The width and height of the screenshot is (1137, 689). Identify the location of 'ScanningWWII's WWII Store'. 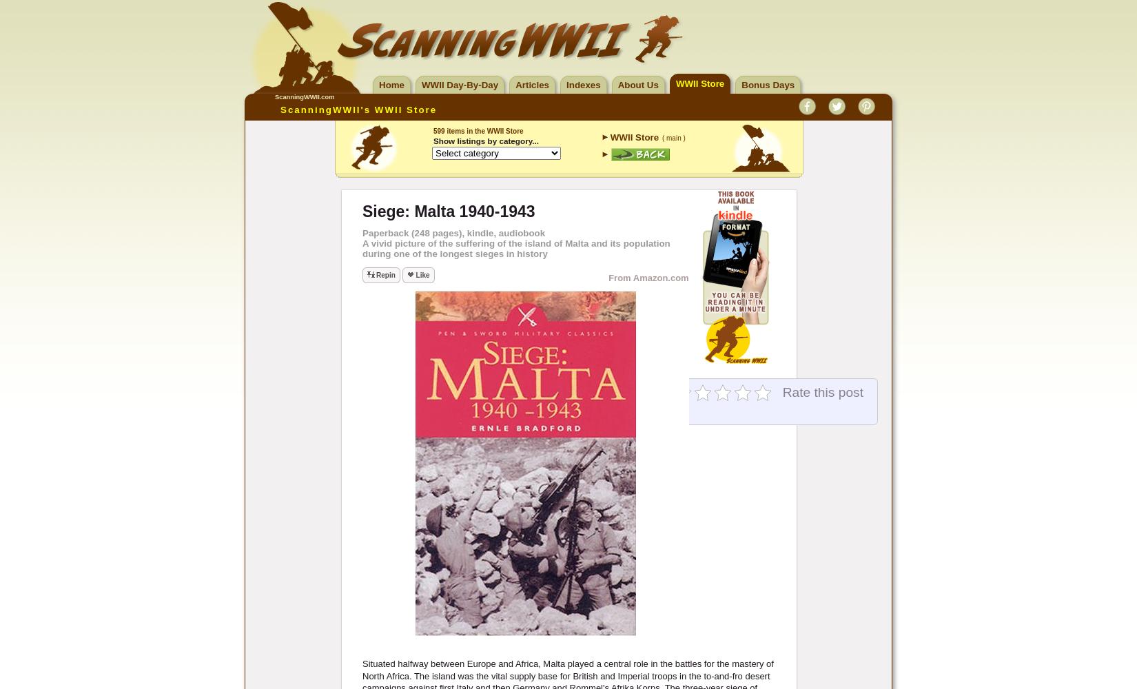
(358, 110).